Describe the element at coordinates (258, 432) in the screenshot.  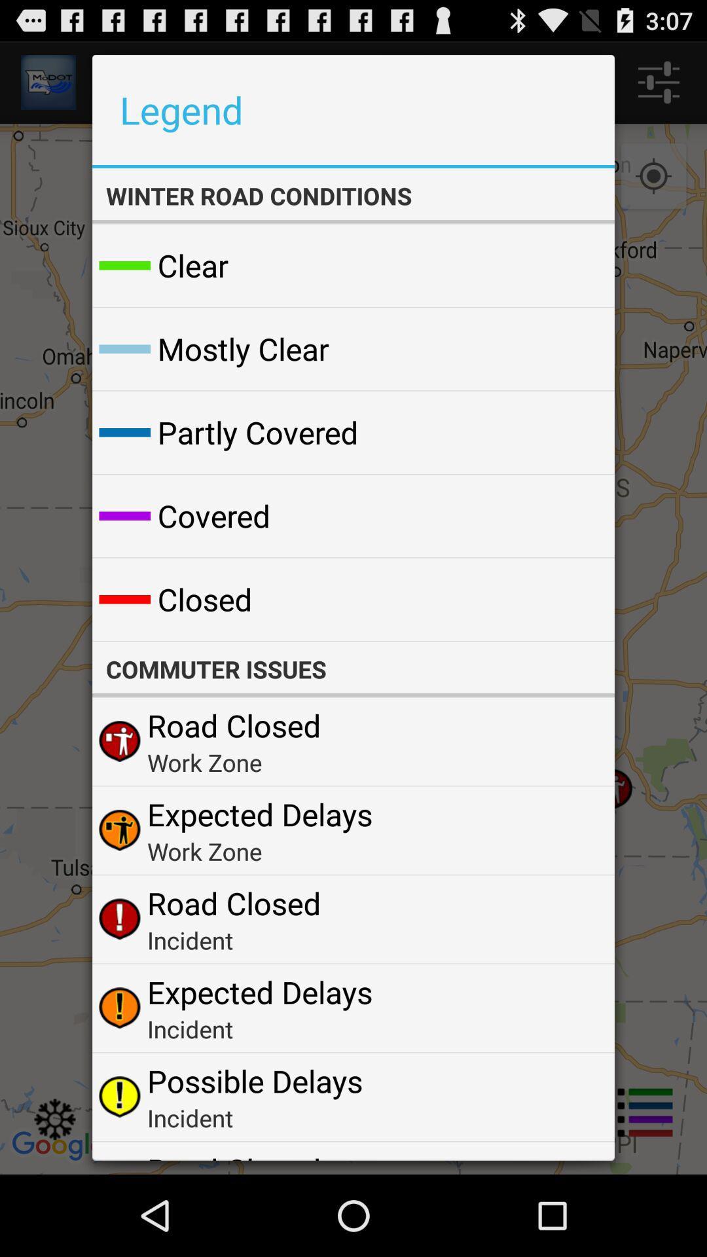
I see `app above the covered icon` at that location.